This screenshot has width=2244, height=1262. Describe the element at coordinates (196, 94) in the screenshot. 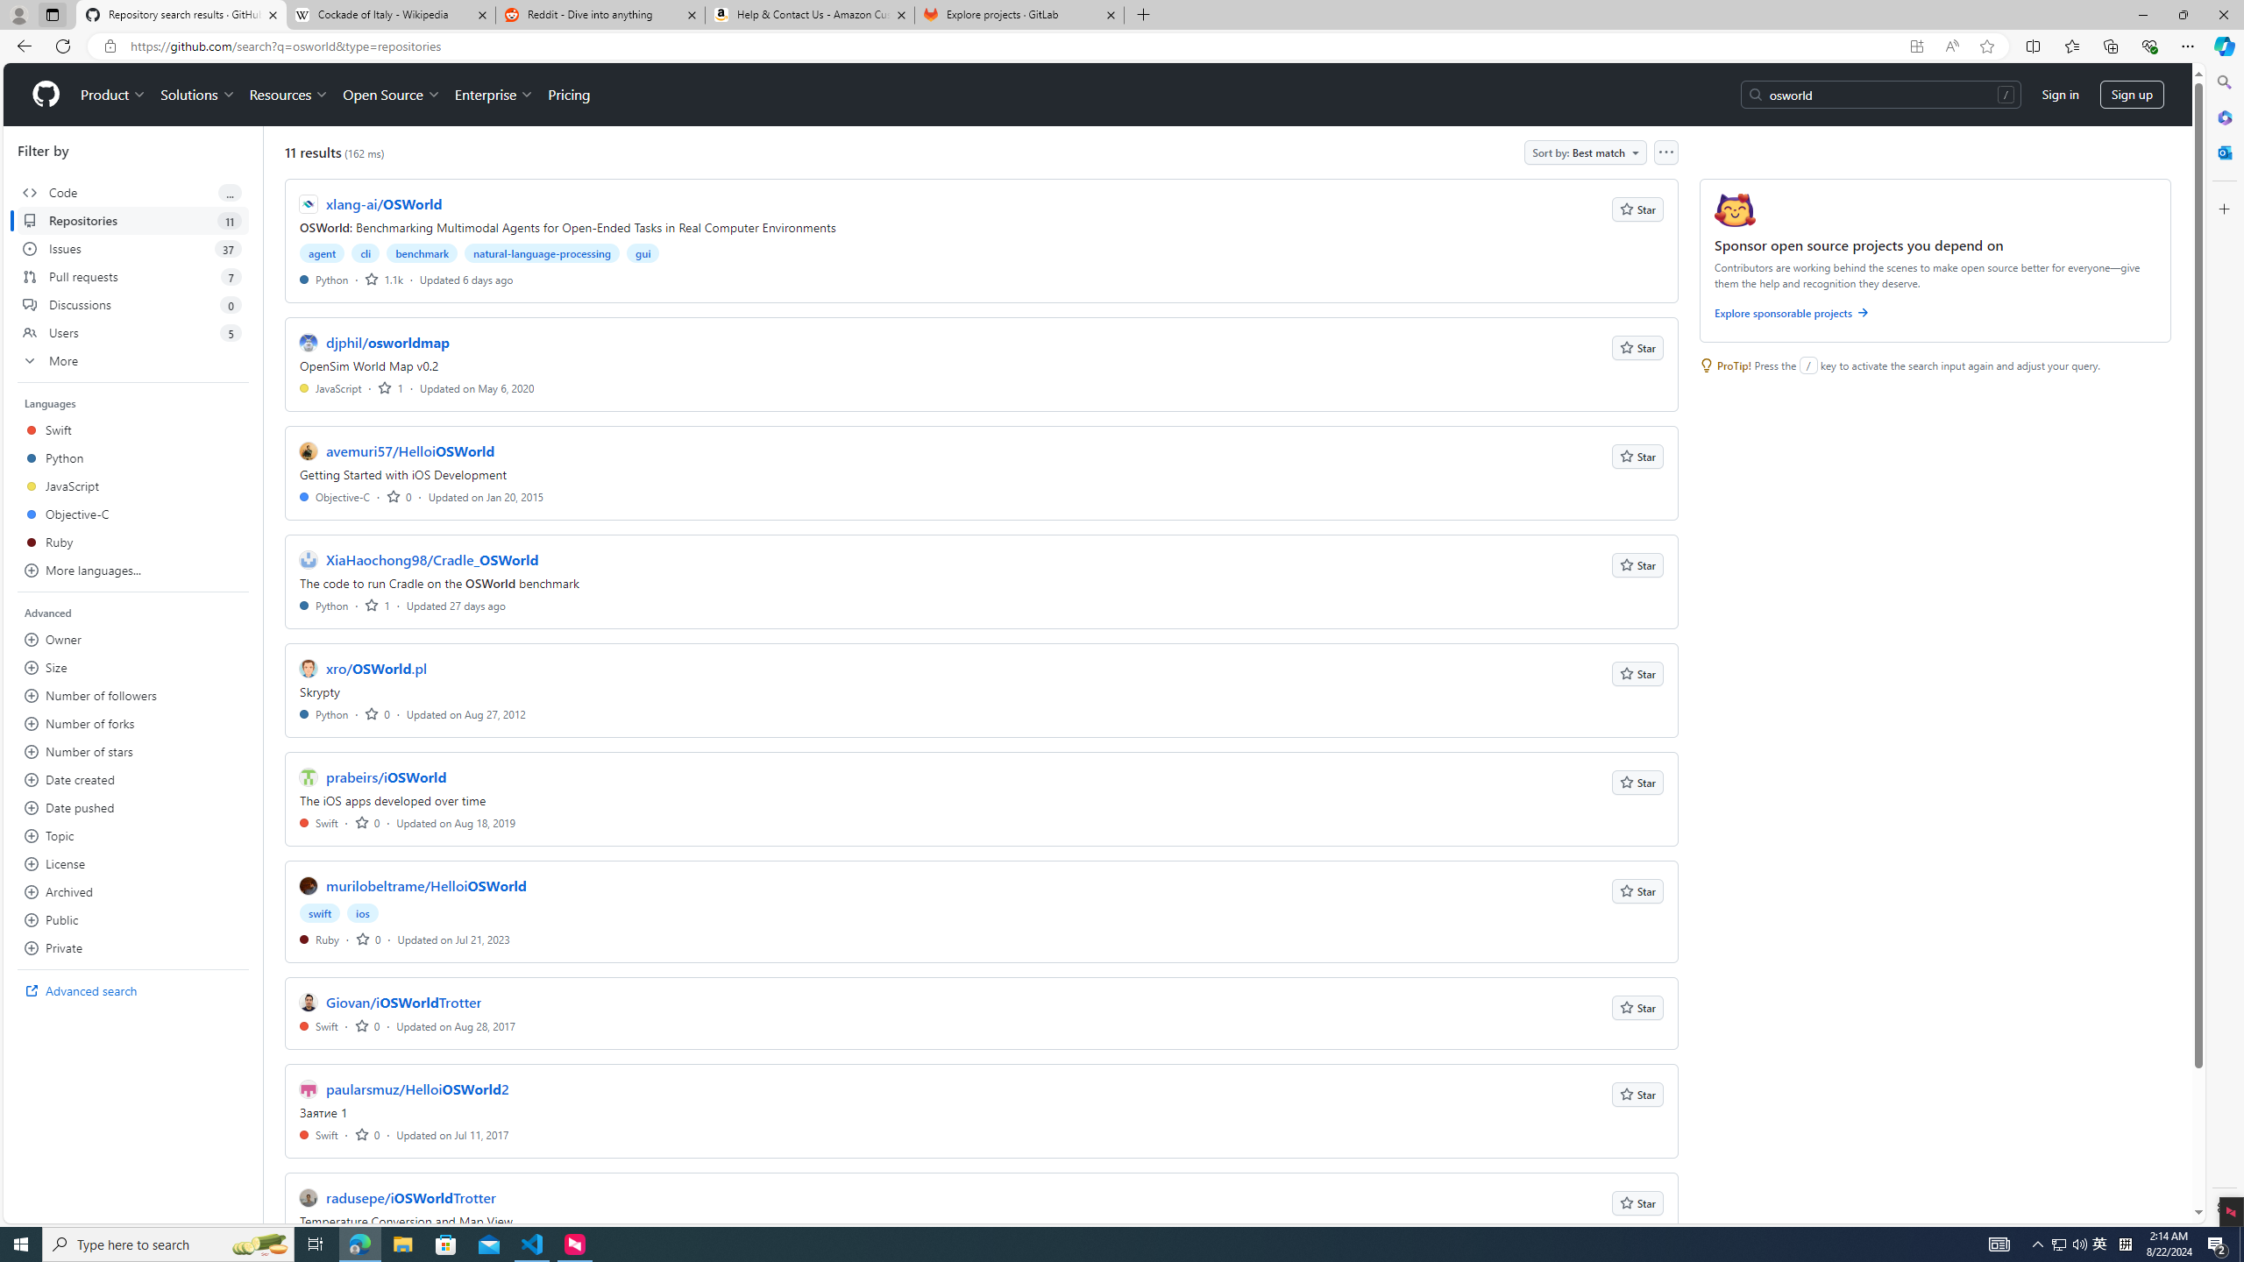

I see `'Solutions'` at that location.